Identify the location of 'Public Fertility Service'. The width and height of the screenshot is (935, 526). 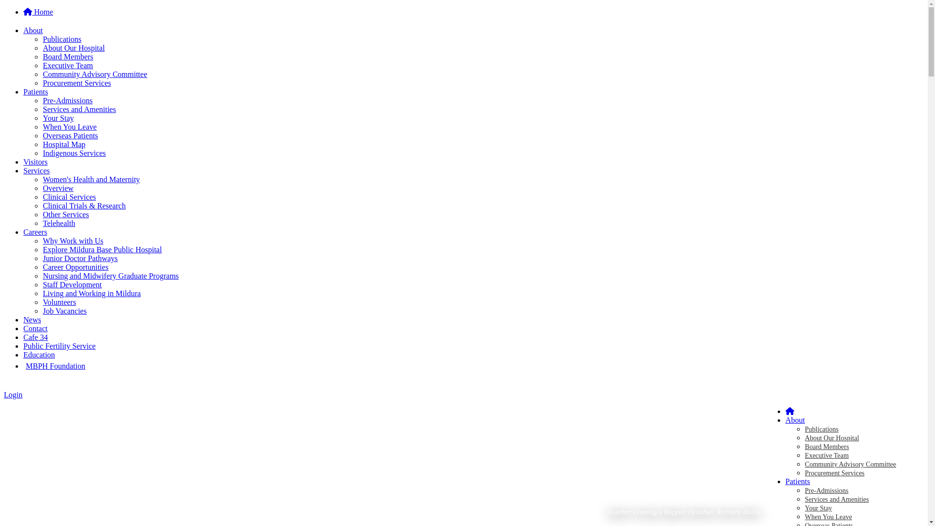
(58, 345).